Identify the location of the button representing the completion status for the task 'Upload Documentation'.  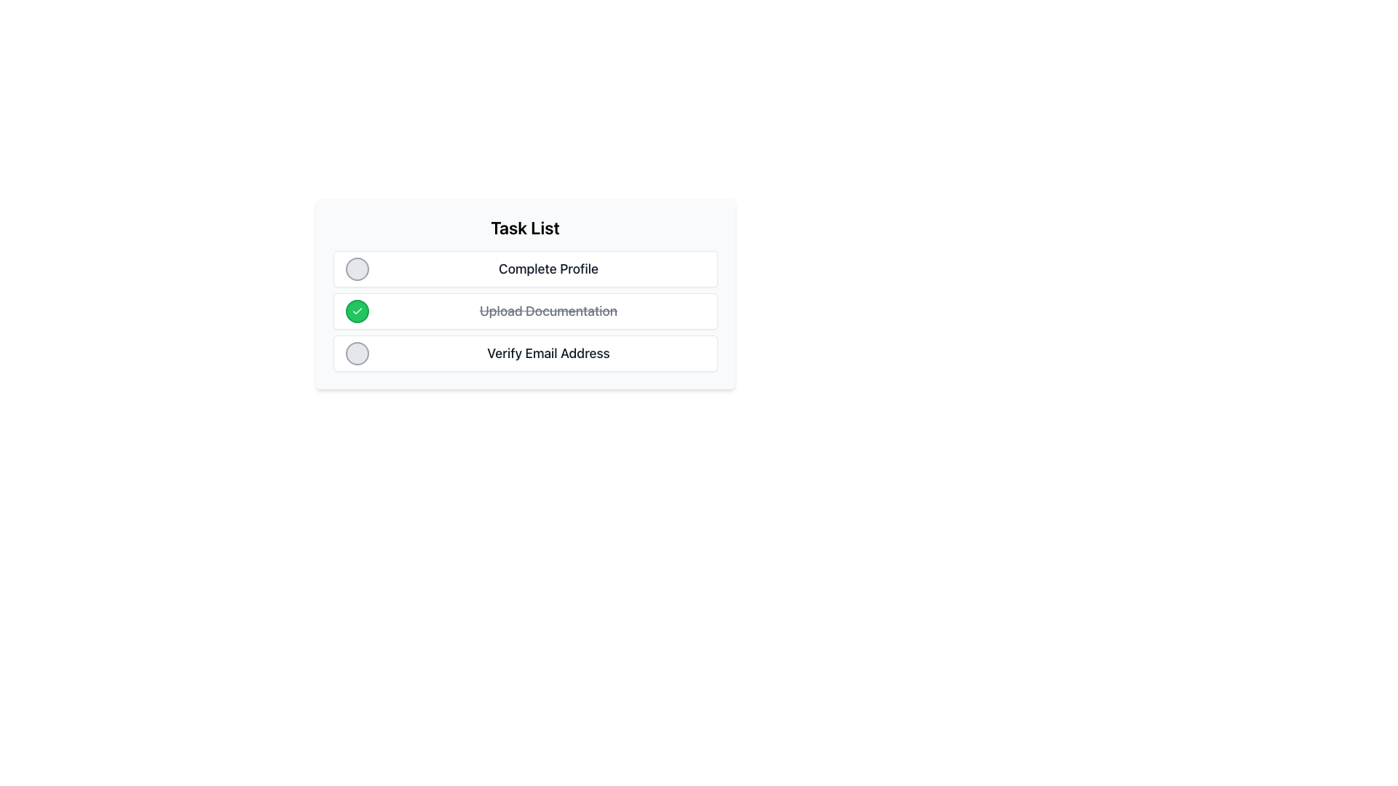
(357, 311).